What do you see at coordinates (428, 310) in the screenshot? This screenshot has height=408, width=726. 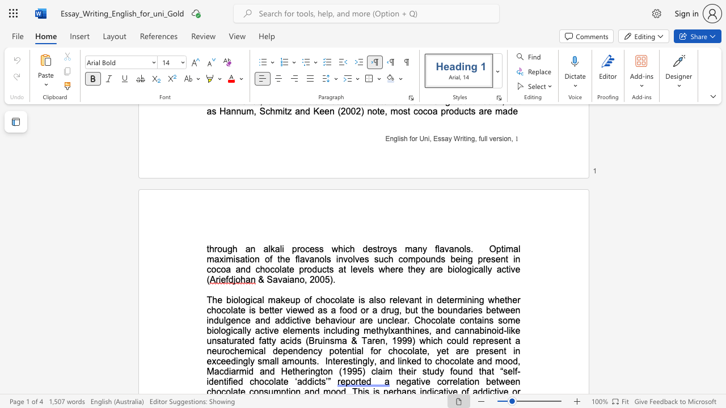 I see `the subset text "e boundaries between indulgence a" within the text "whether chocolate is better viewed as a food or a drug, but the boundaries between indulgence and addictive behaviour are unclear. Chocolate"` at bounding box center [428, 310].